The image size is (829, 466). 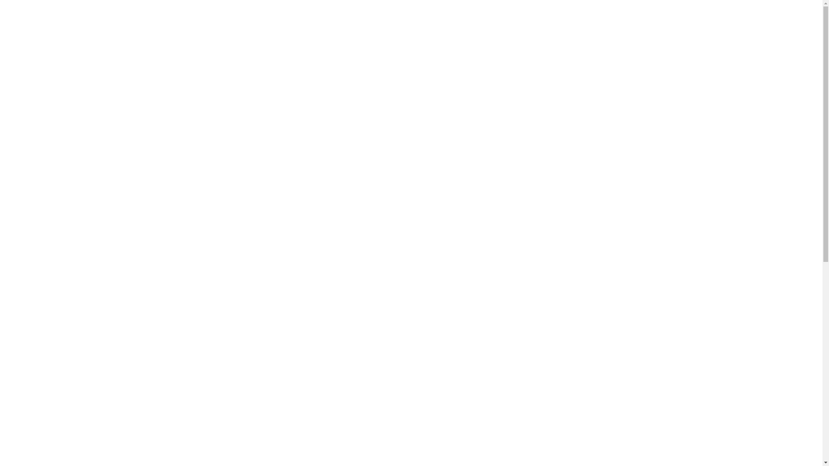 What do you see at coordinates (566, 85) in the screenshot?
I see `'SV'` at bounding box center [566, 85].